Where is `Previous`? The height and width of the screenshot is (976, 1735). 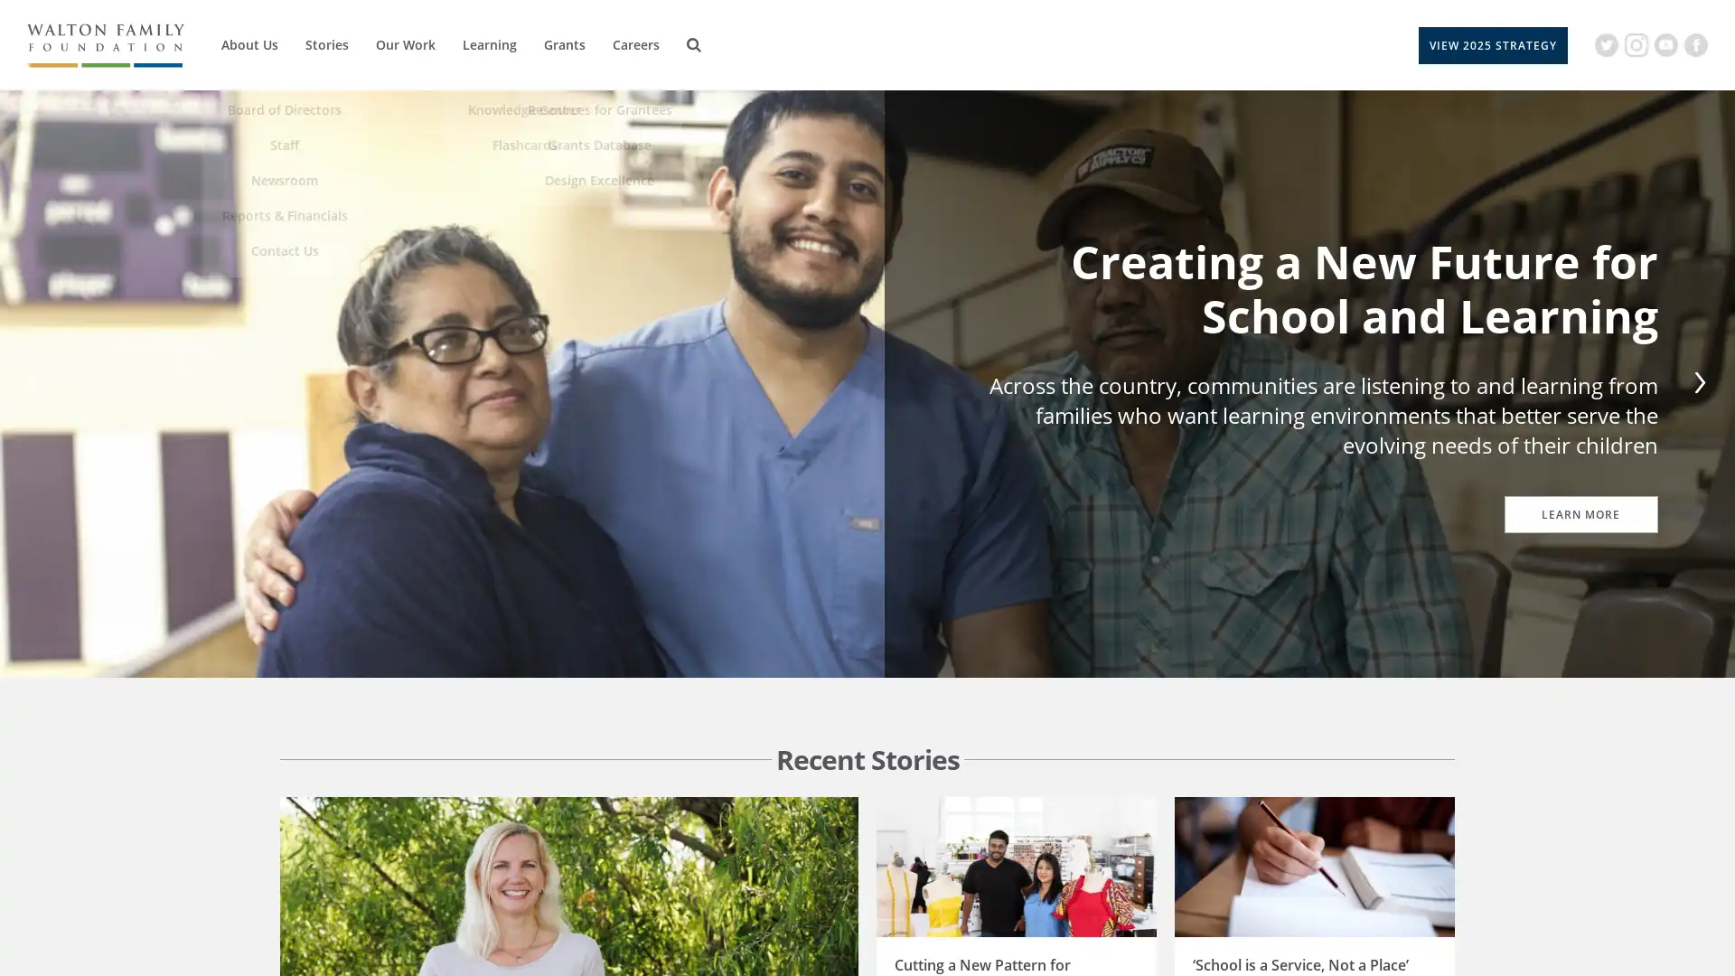 Previous is located at coordinates (38, 382).